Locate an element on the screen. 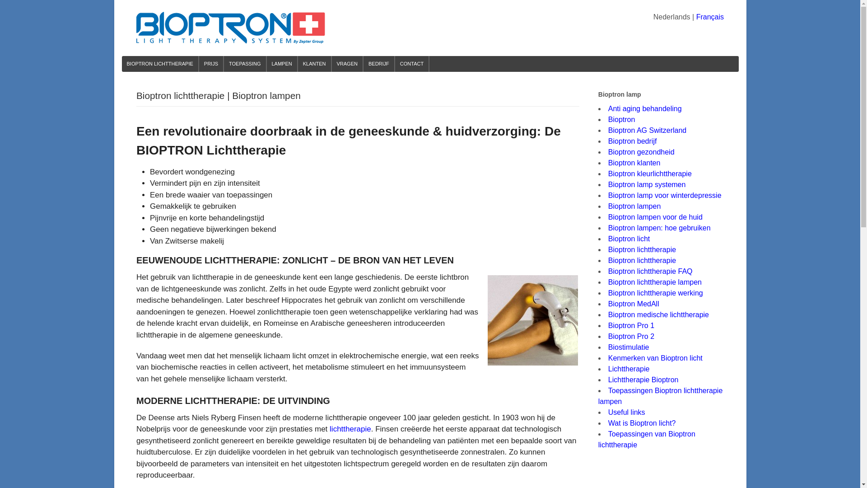 Image resolution: width=867 pixels, height=488 pixels. 'Bioptron lampen: hoe gebruiken' is located at coordinates (659, 227).